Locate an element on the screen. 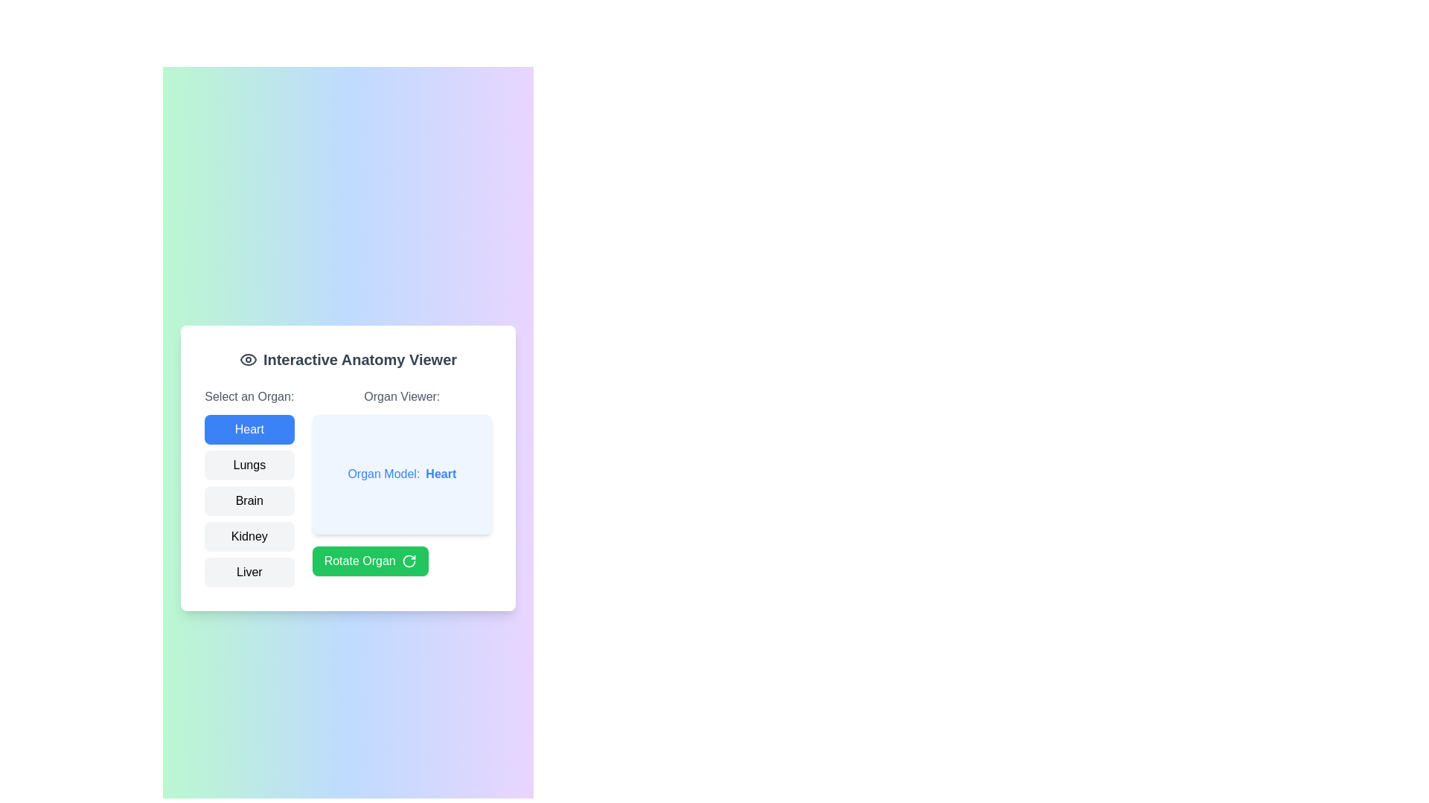  the 'Kidney' button, which is the fourth button in the vertical list under the 'Select an Organ' section, identified by its light gray background and rounded corners is located at coordinates (249, 536).